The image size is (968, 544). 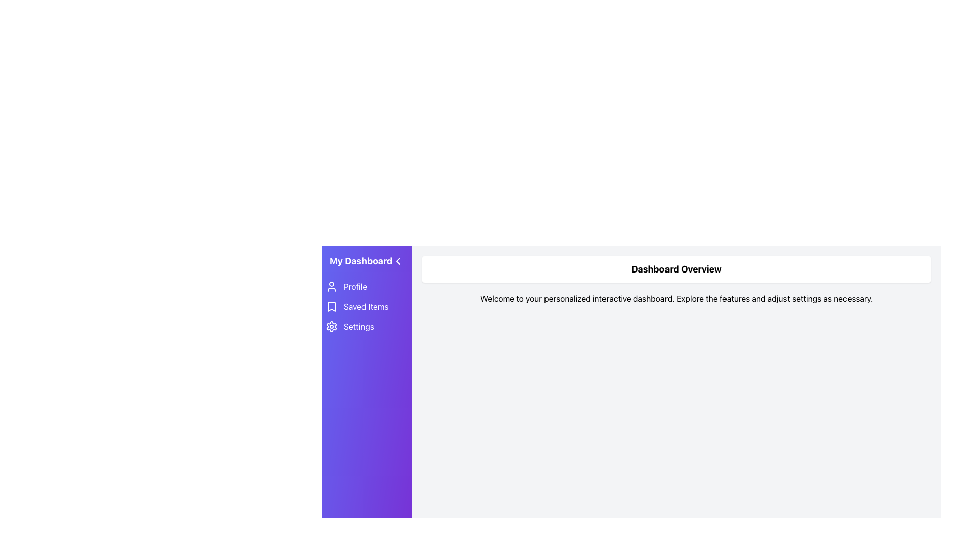 What do you see at coordinates (366, 306) in the screenshot?
I see `displayed text of the 'Saved Items' label located in the sidebar navigation menu, positioned to the right of the bookmark icon` at bounding box center [366, 306].